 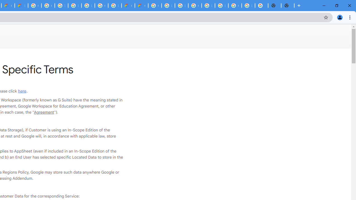 I want to click on 'New Tab', so click(x=288, y=6).